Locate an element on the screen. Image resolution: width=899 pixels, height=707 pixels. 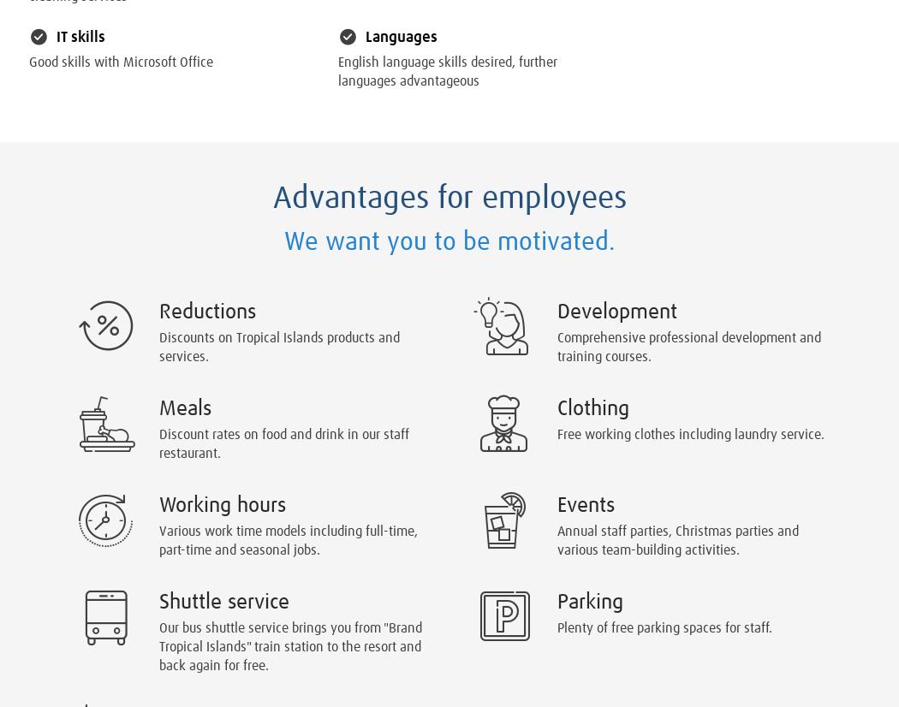
'Clothing' is located at coordinates (593, 408).